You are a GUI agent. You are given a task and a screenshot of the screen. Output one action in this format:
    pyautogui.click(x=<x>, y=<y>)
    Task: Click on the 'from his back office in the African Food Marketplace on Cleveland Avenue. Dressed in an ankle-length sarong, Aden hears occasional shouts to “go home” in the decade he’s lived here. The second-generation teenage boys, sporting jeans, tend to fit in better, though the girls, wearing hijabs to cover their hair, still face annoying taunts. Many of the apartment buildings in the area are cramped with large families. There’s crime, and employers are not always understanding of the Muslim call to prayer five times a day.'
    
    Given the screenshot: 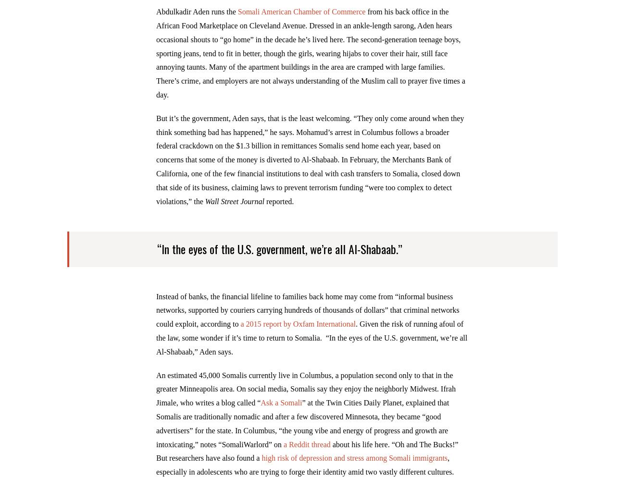 What is the action you would take?
    pyautogui.click(x=310, y=60)
    